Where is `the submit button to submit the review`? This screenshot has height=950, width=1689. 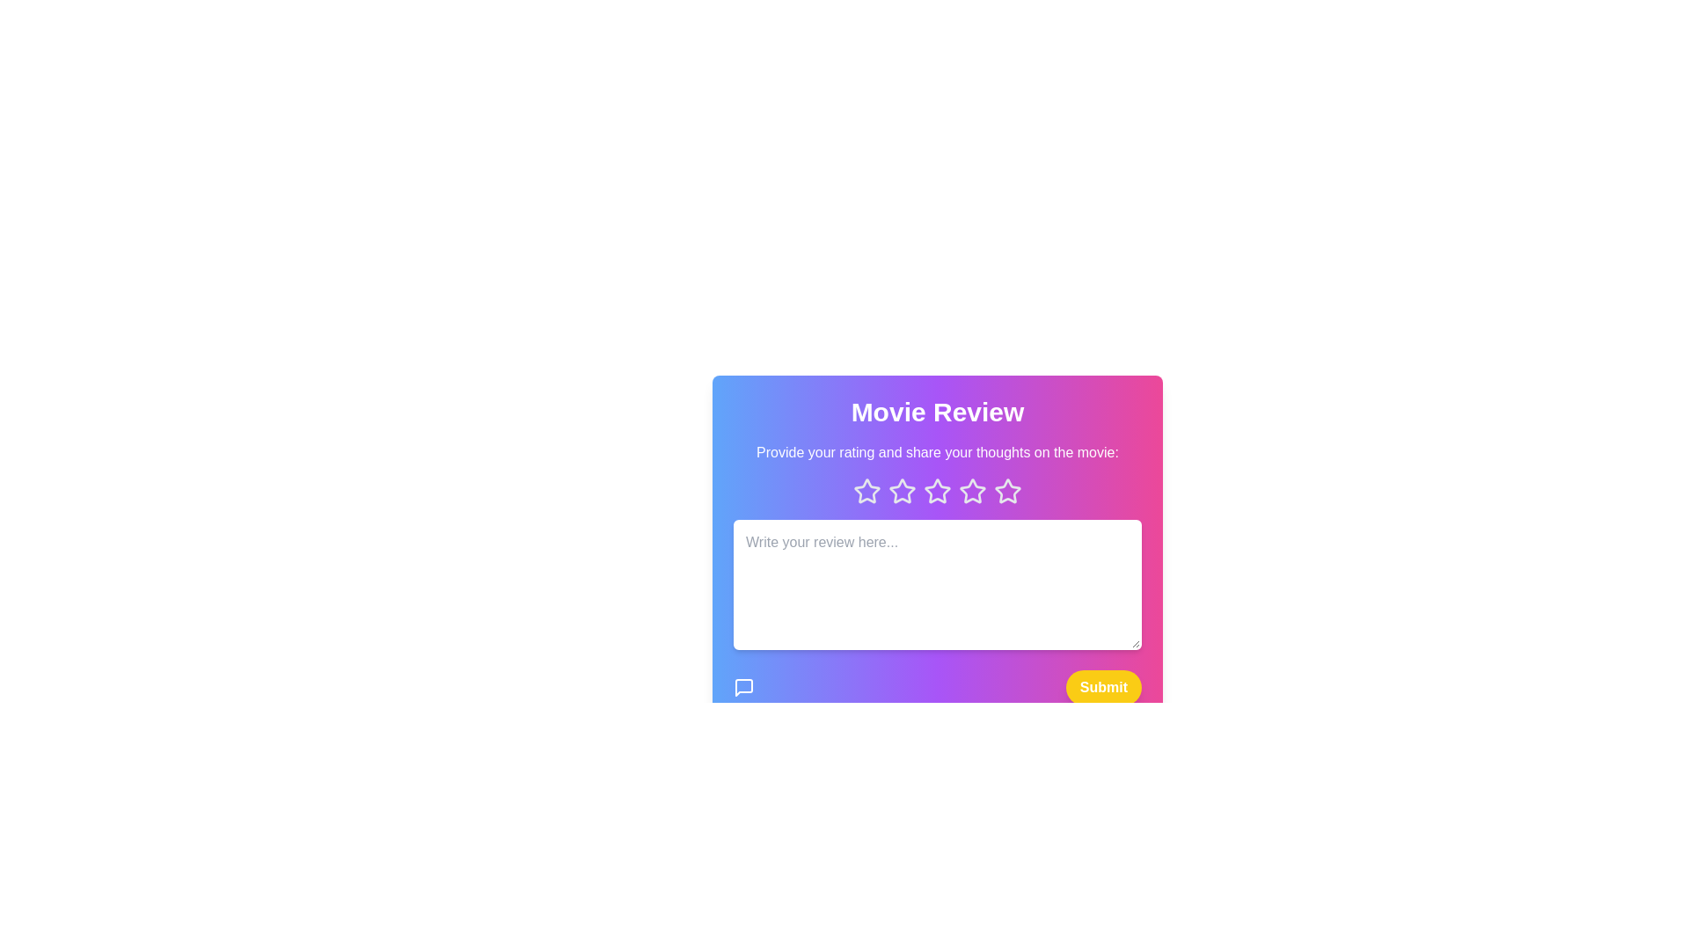 the submit button to submit the review is located at coordinates (1102, 687).